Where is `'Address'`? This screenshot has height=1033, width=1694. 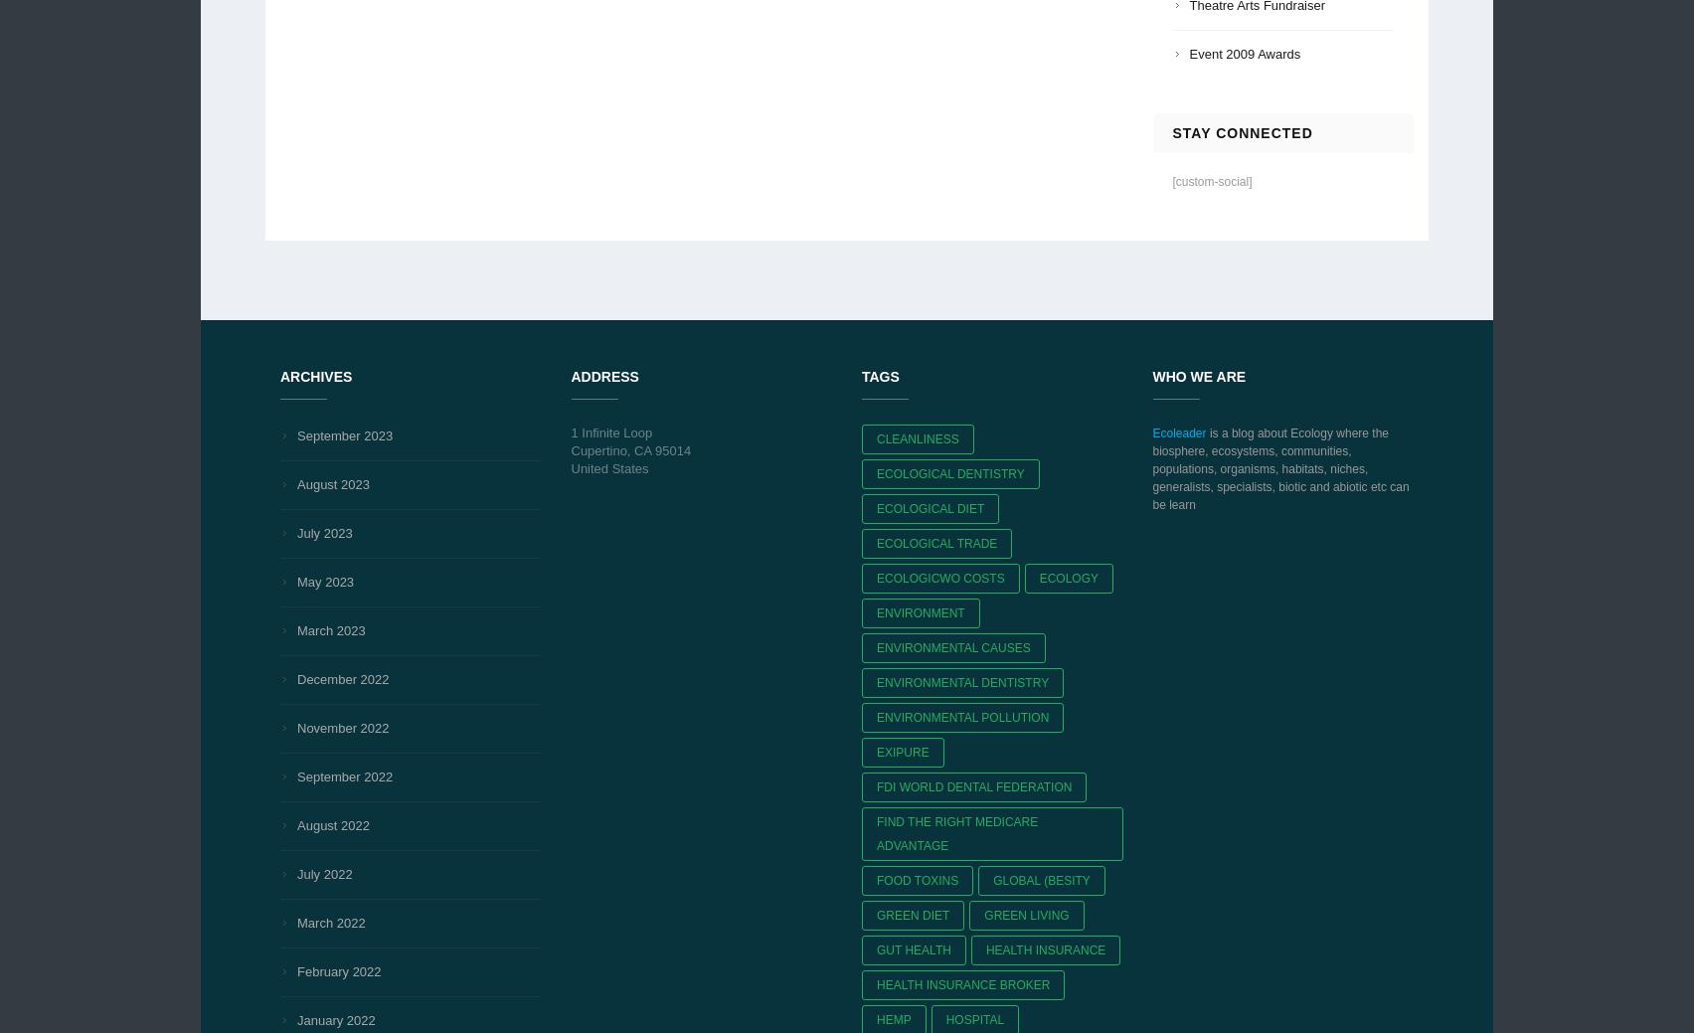
'Address' is located at coordinates (603, 374).